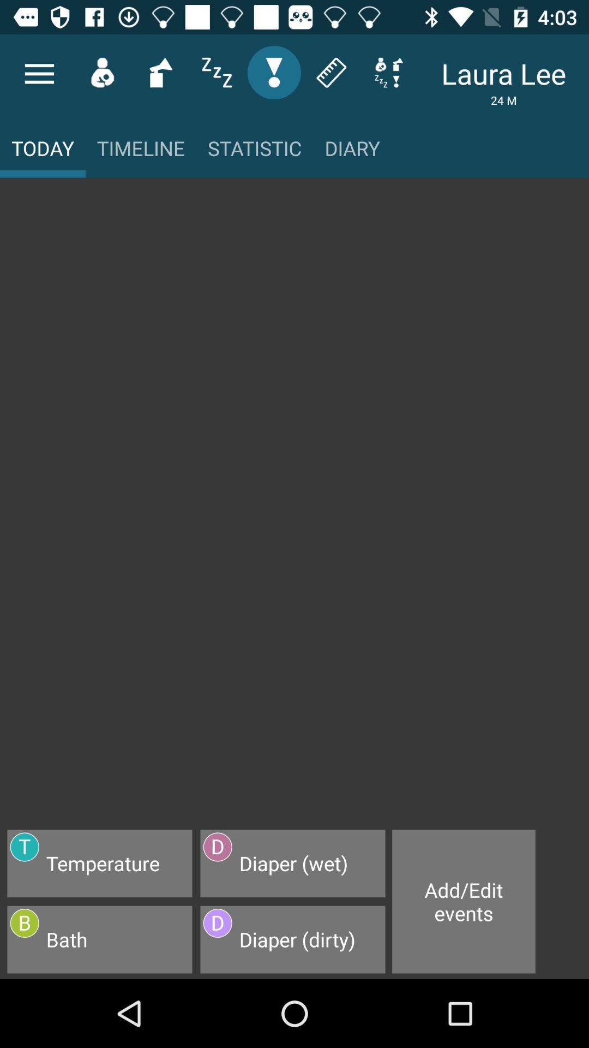 This screenshot has width=589, height=1048. What do you see at coordinates (217, 72) in the screenshot?
I see `the sliders icon` at bounding box center [217, 72].